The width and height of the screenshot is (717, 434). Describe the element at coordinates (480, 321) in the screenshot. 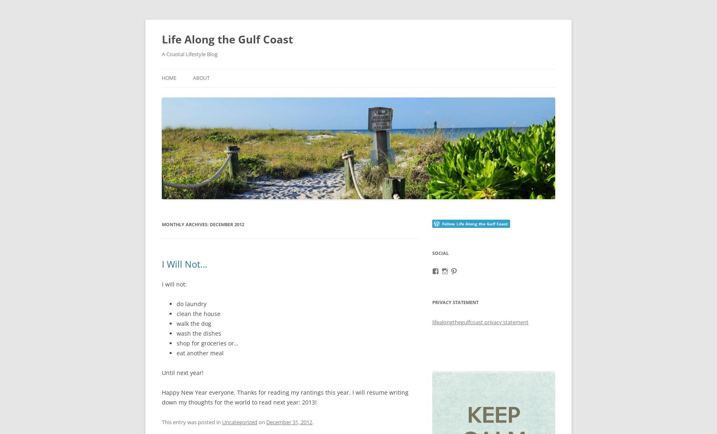

I see `'lifealongthegulfcoast privacy statement'` at that location.